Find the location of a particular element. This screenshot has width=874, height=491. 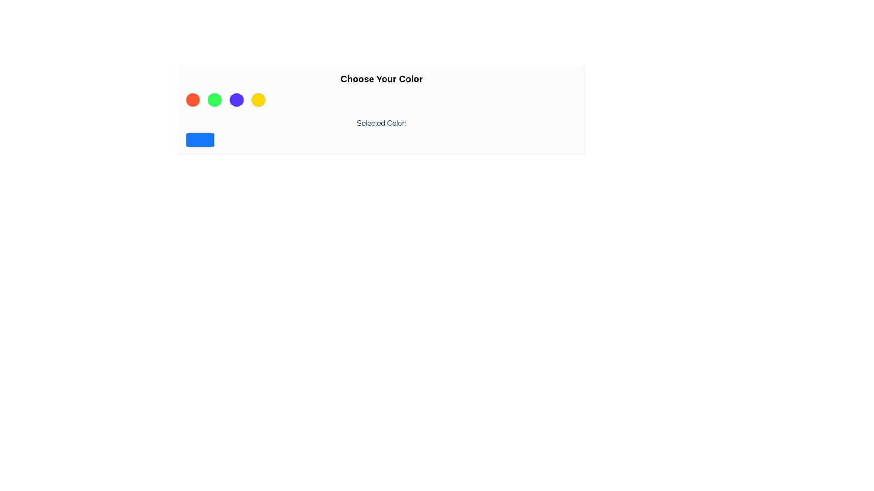

the circular button with a yellow background and gray border, which is the fourth element in a horizontal row of four circular indicators is located at coordinates (258, 100).